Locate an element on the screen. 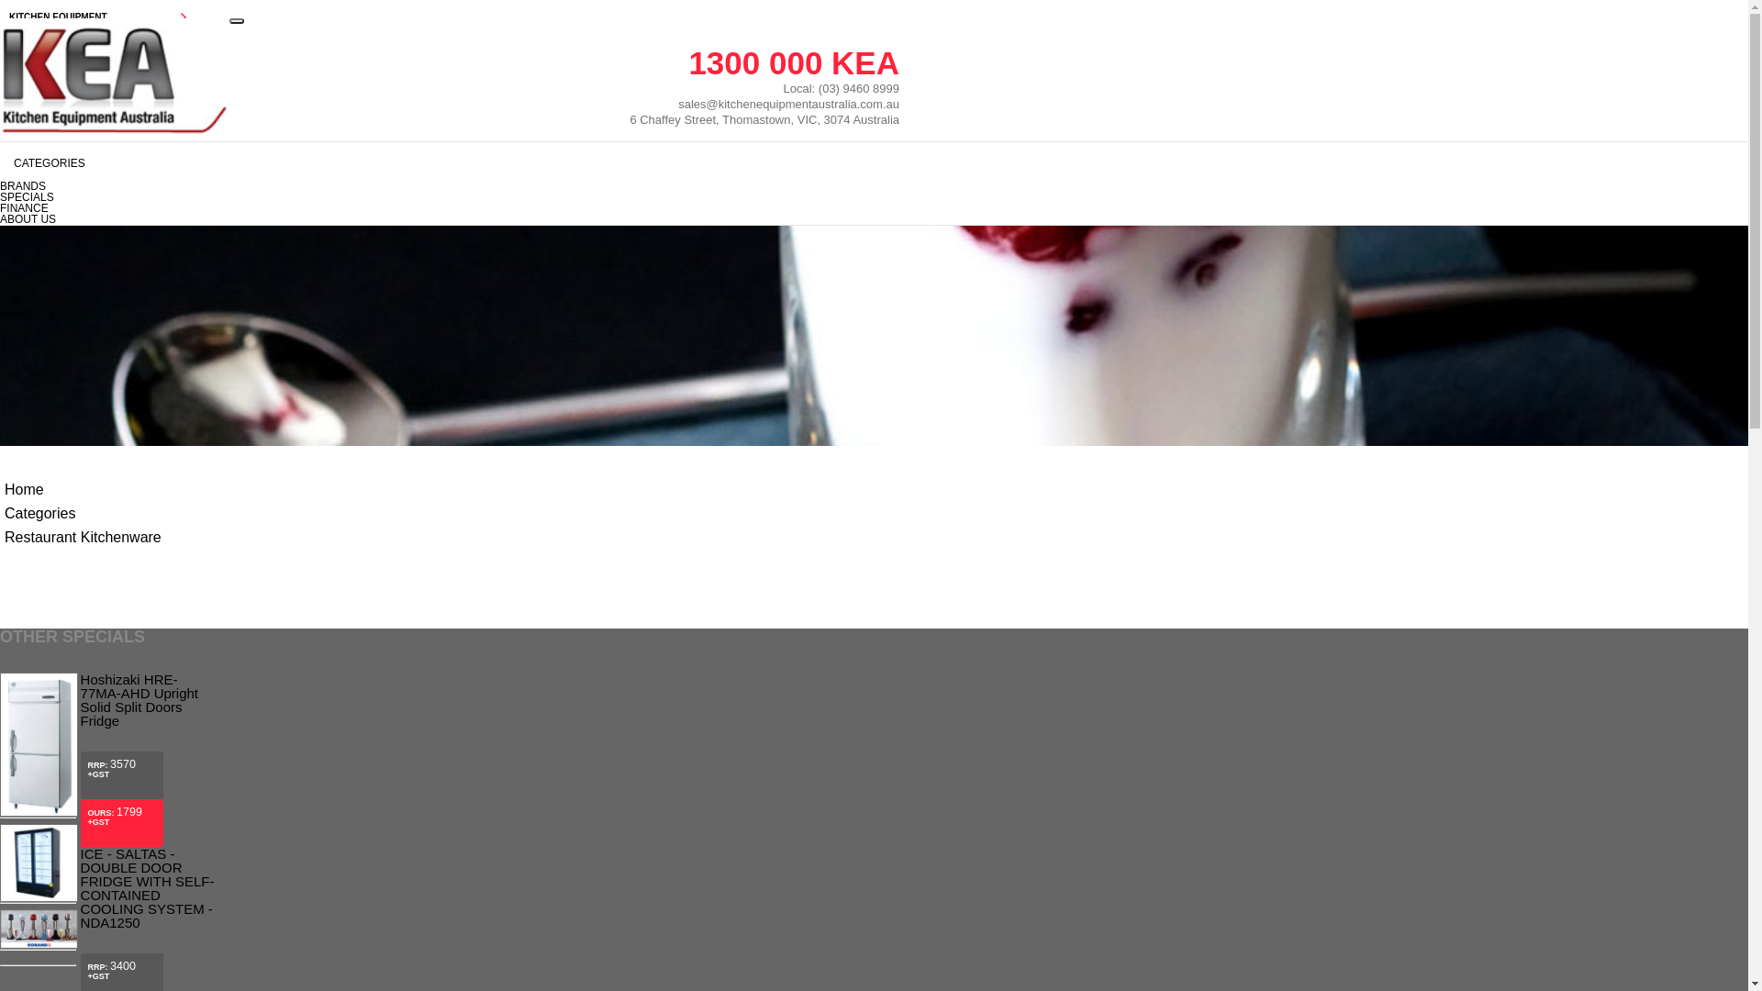 Image resolution: width=1762 pixels, height=991 pixels. 'COMMERCIAL DEEP FRYERS' is located at coordinates (0, 155).